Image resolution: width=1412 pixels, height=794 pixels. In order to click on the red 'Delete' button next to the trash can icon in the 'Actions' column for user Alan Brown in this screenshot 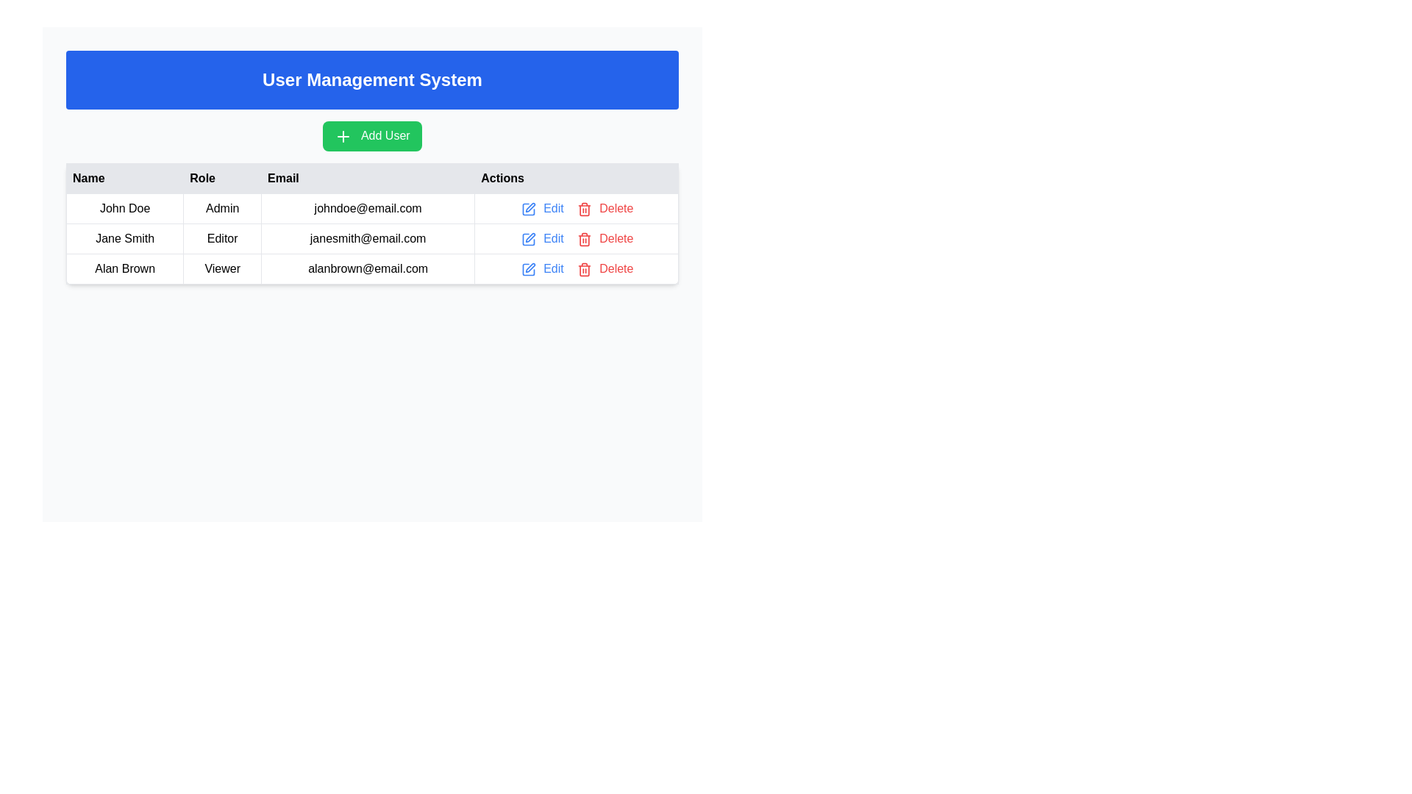, I will do `click(605, 268)`.